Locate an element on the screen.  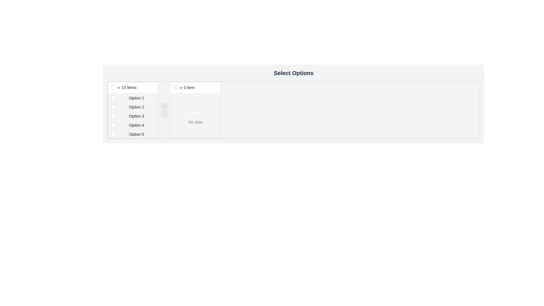
the lower arrow button in the button group to transfer selected items back to the list on the left is located at coordinates (164, 110).